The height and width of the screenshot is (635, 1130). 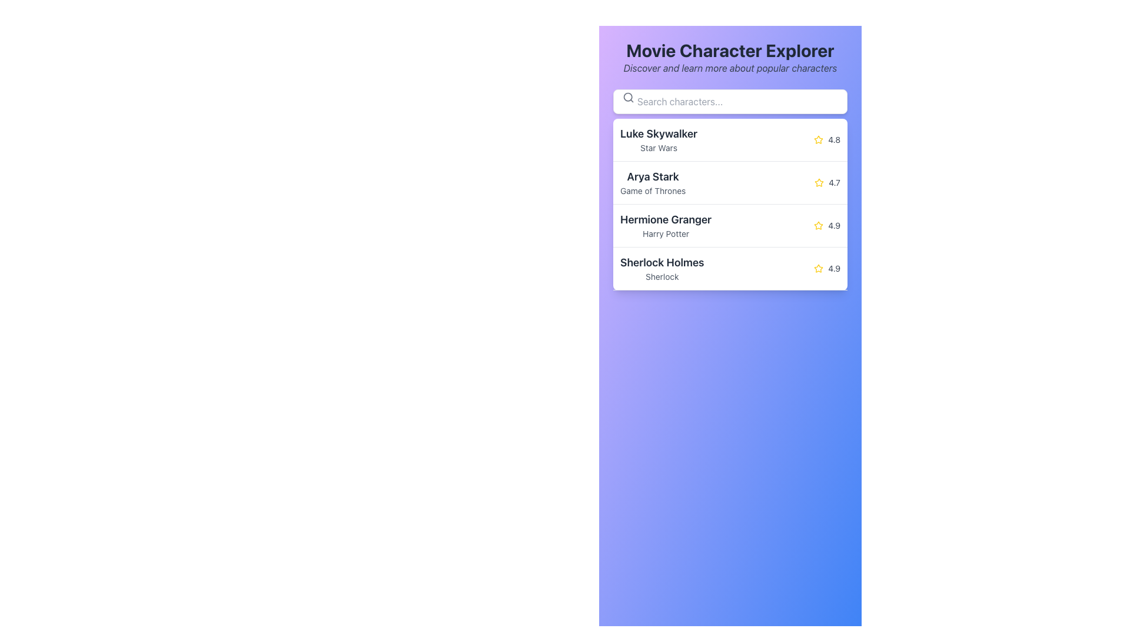 I want to click on the rating icon to the left of the text '4.7' associated with 'Arya Stark' to highlight it in the interface, so click(x=819, y=183).